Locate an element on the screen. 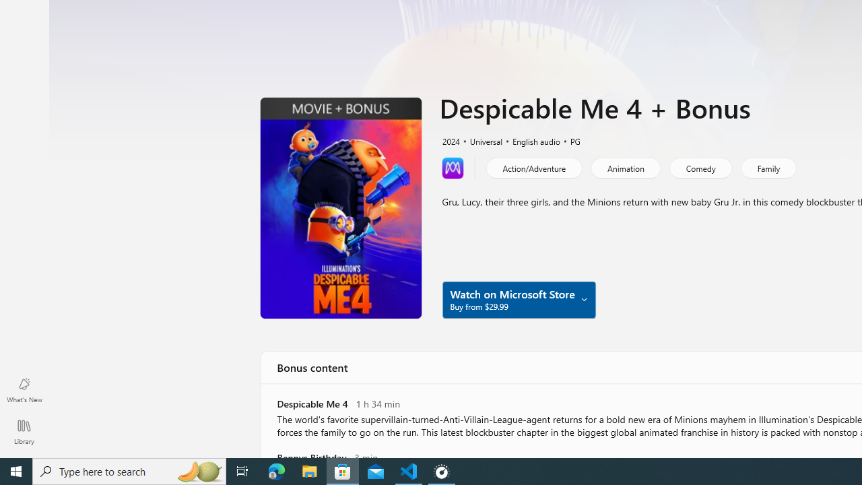 The width and height of the screenshot is (862, 485). 'Animation' is located at coordinates (624, 167).